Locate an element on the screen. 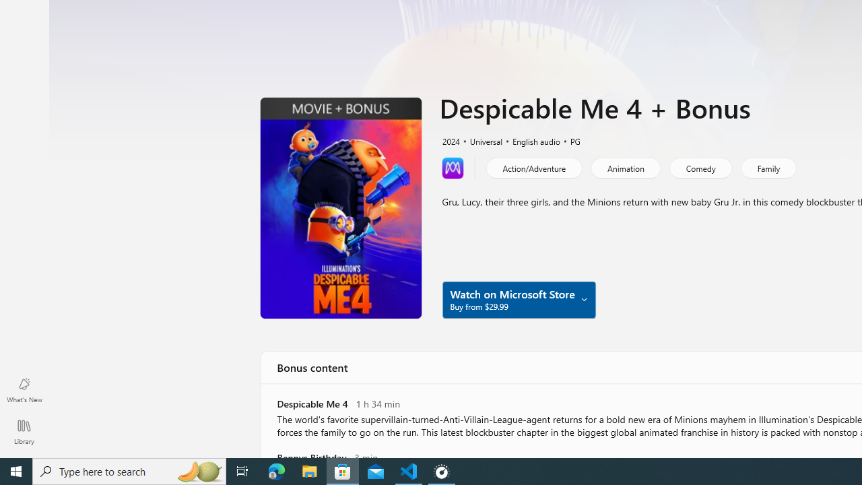 The width and height of the screenshot is (862, 485). 'Animation' is located at coordinates (624, 167).